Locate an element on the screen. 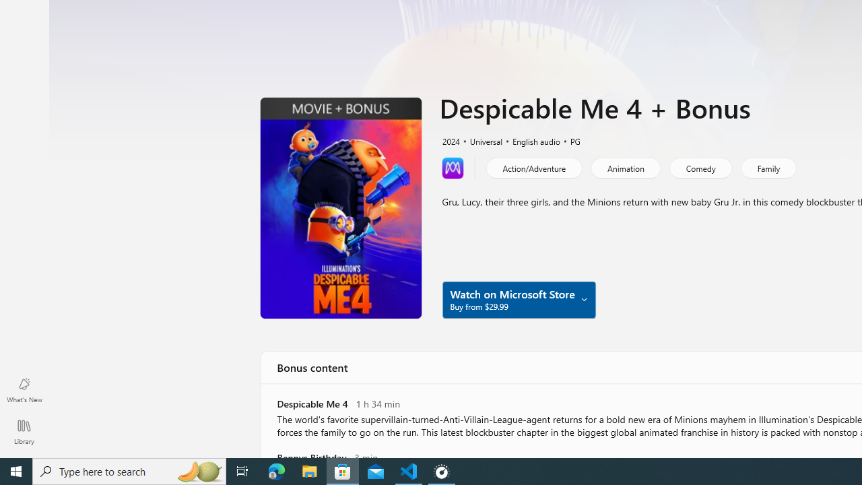 The width and height of the screenshot is (862, 485). 'Animation' is located at coordinates (624, 167).